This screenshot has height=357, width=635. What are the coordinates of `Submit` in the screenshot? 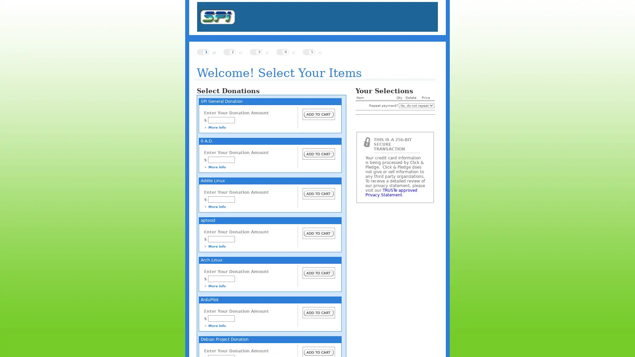 It's located at (319, 312).